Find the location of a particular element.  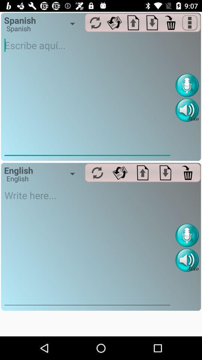

delete button is located at coordinates (188, 172).